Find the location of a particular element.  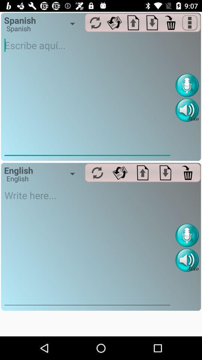

delete button is located at coordinates (188, 172).